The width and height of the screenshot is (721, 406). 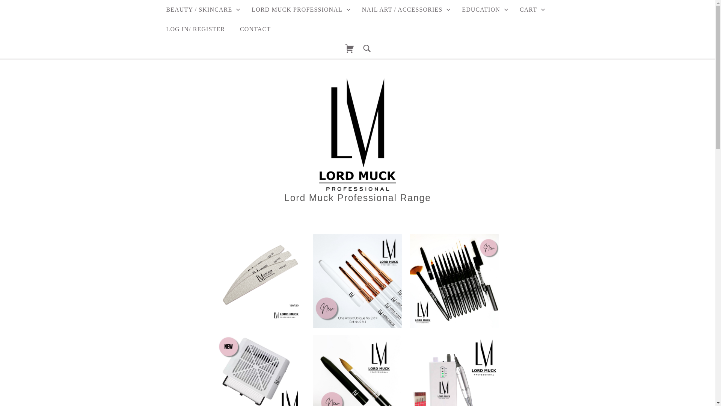 What do you see at coordinates (357, 134) in the screenshot?
I see `'1. Prof Logo - black'` at bounding box center [357, 134].